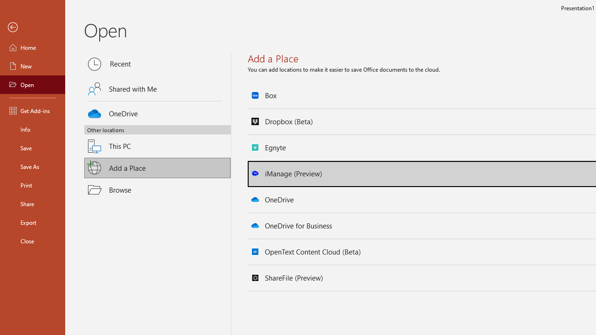 The height and width of the screenshot is (335, 596). Describe the element at coordinates (32, 129) in the screenshot. I see `'Info'` at that location.